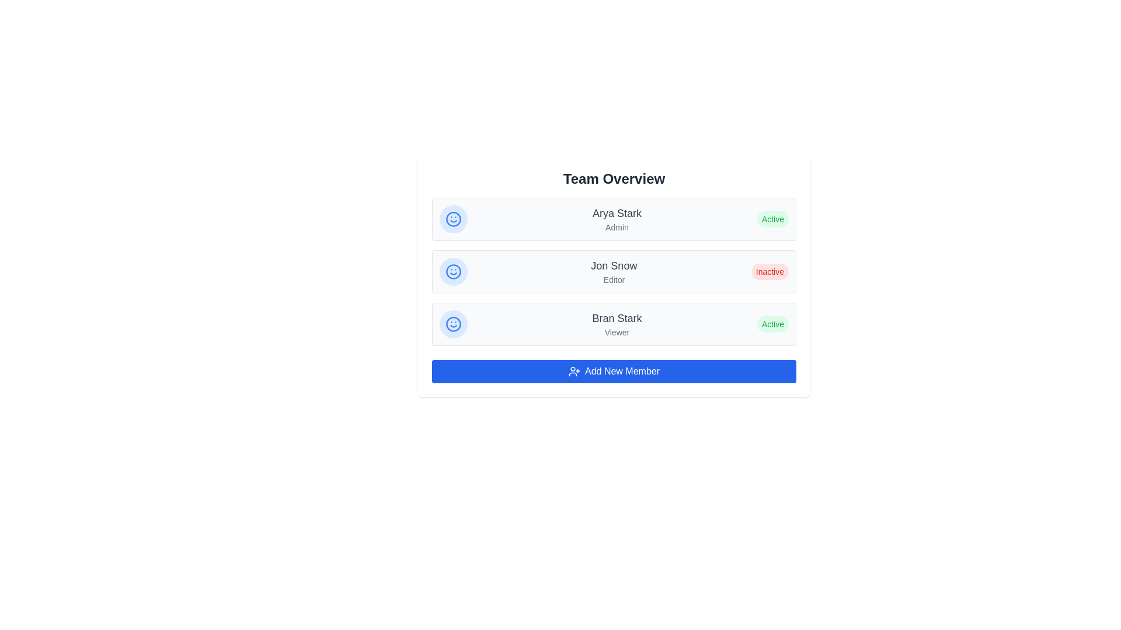  I want to click on the Profile Card for 'Arya Stark', which displays her role as 'Admin' and status as 'Active'. This card is the first in the vertical list under the 'Team Overview' heading, so click(613, 219).